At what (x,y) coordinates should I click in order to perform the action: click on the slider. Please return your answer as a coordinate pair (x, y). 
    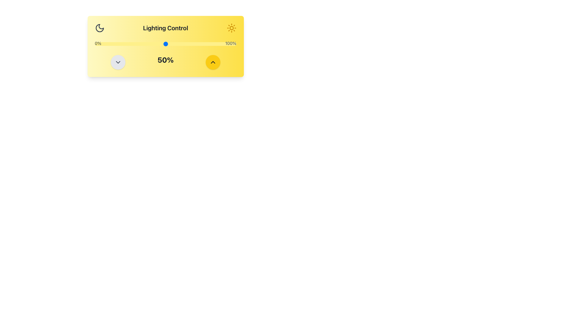
    Looking at the image, I should click on (141, 43).